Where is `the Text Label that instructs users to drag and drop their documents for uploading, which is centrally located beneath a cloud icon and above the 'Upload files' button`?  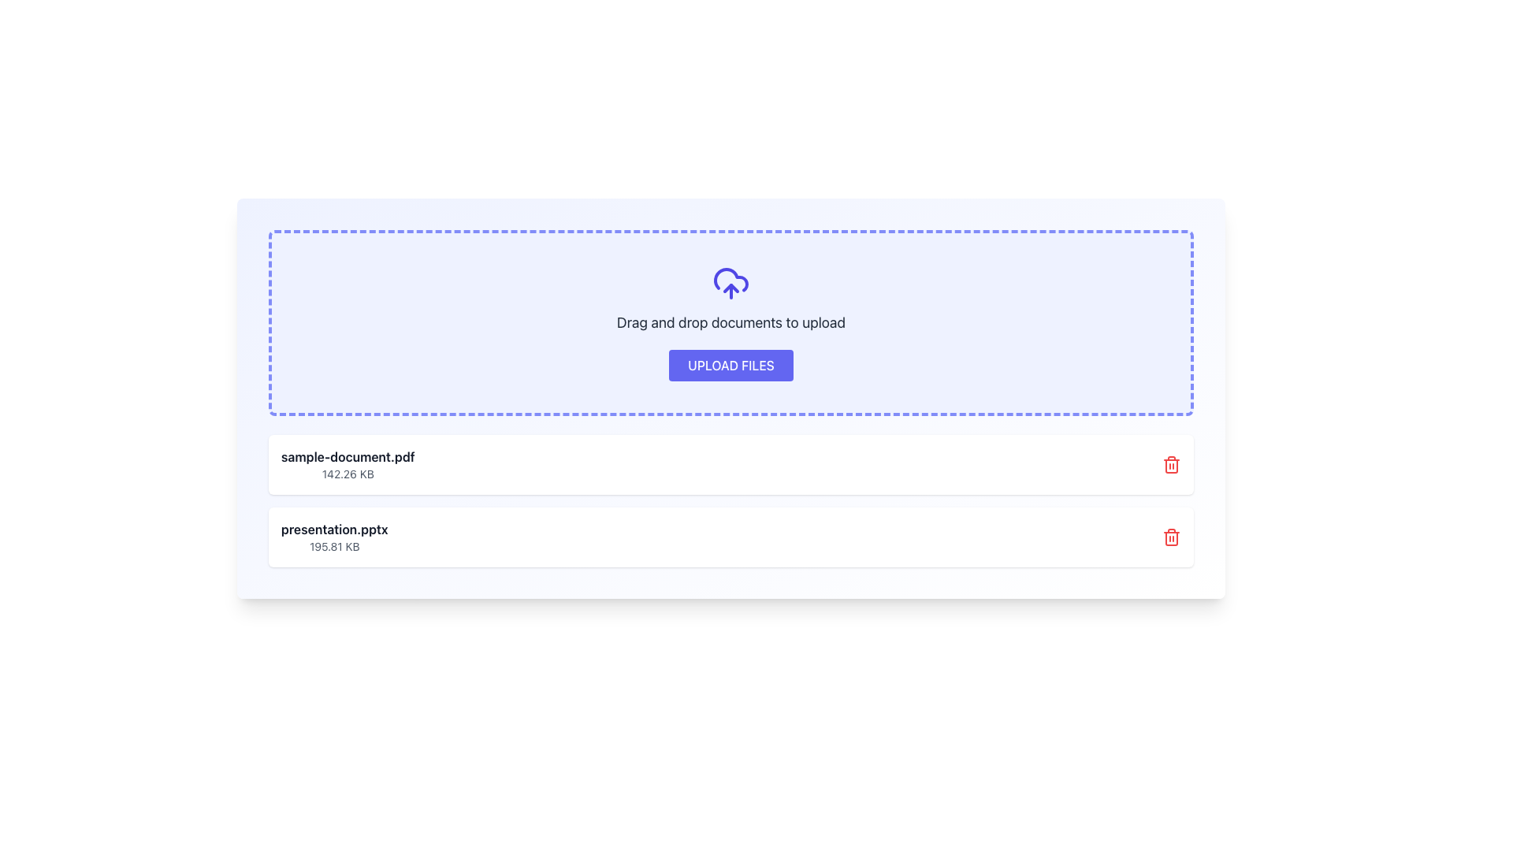
the Text Label that instructs users to drag and drop their documents for uploading, which is centrally located beneath a cloud icon and above the 'Upload files' button is located at coordinates (730, 321).